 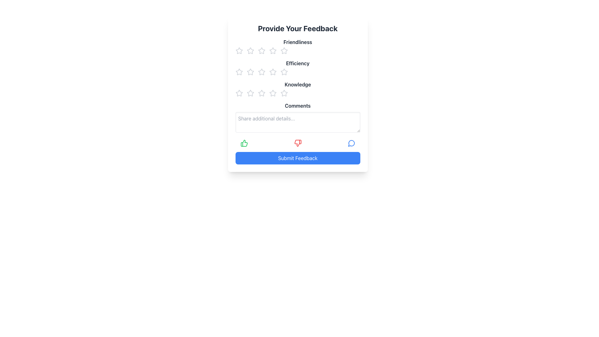 What do you see at coordinates (273, 93) in the screenshot?
I see `the fourth star in the 'Knowledge' rating section to assign a rating` at bounding box center [273, 93].